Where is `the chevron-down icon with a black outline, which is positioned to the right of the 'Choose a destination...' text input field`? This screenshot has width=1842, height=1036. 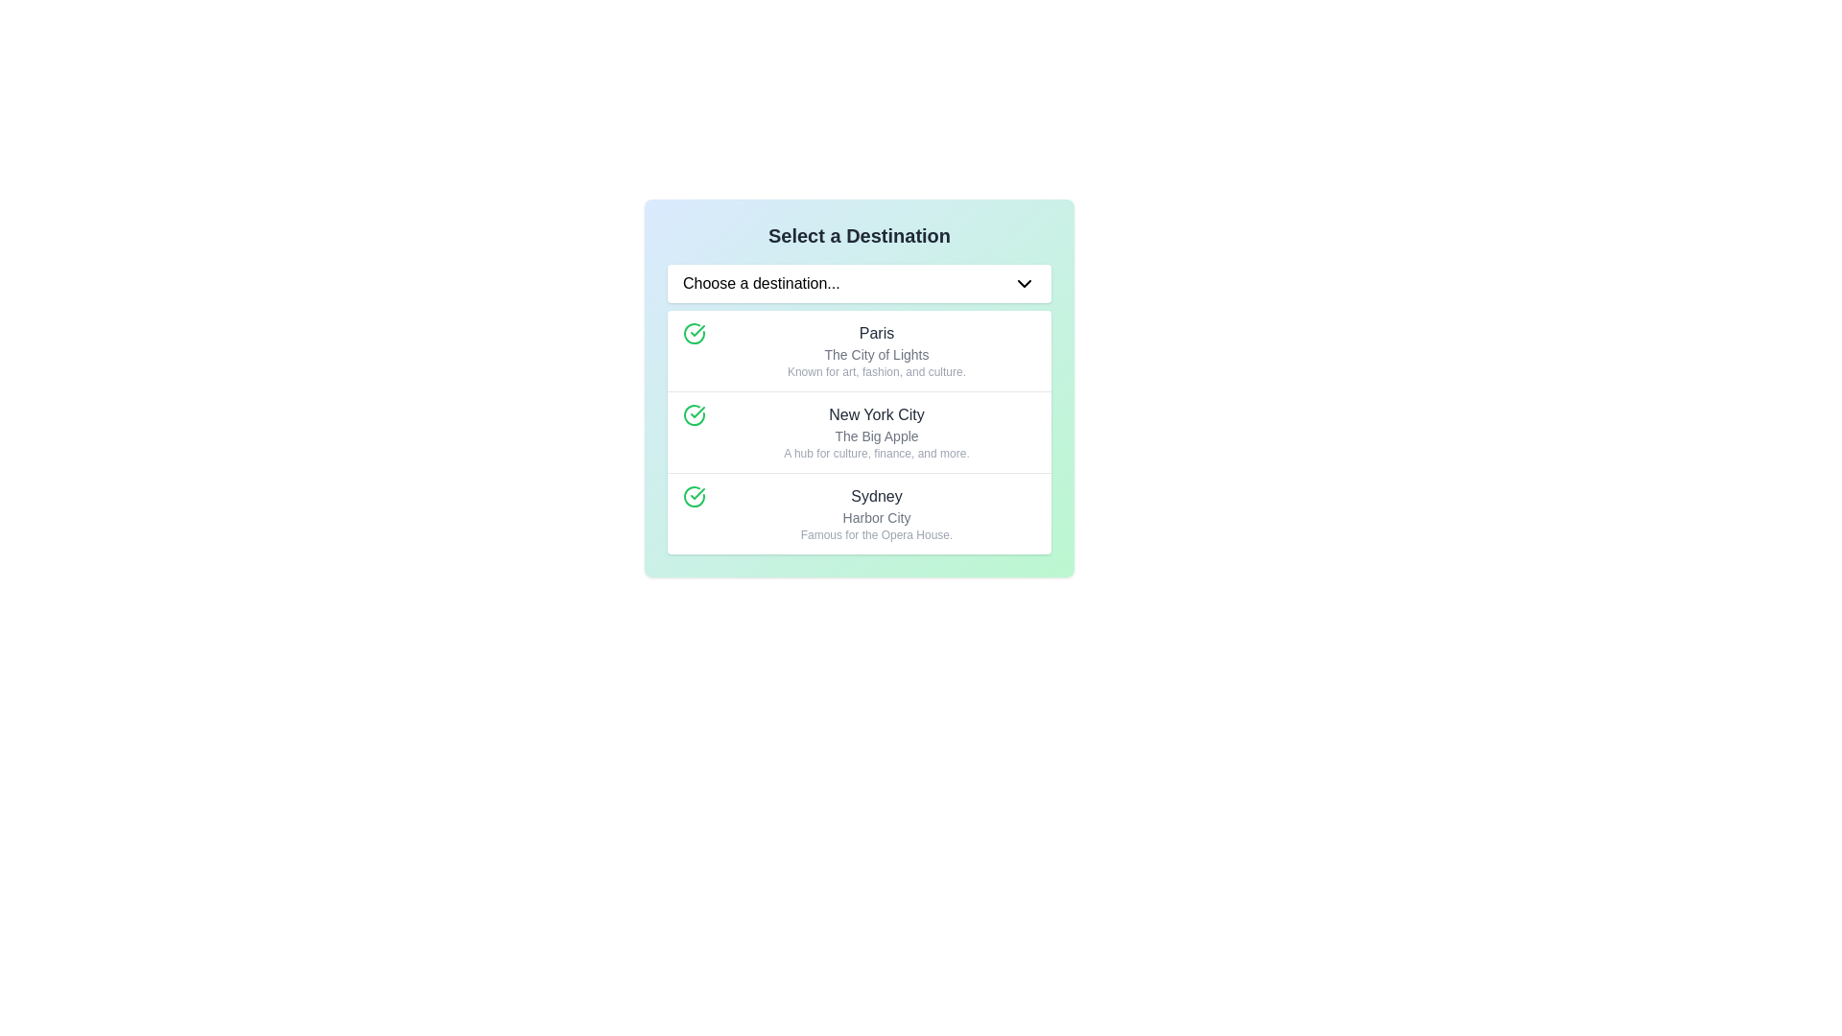 the chevron-down icon with a black outline, which is positioned to the right of the 'Choose a destination...' text input field is located at coordinates (1024, 284).